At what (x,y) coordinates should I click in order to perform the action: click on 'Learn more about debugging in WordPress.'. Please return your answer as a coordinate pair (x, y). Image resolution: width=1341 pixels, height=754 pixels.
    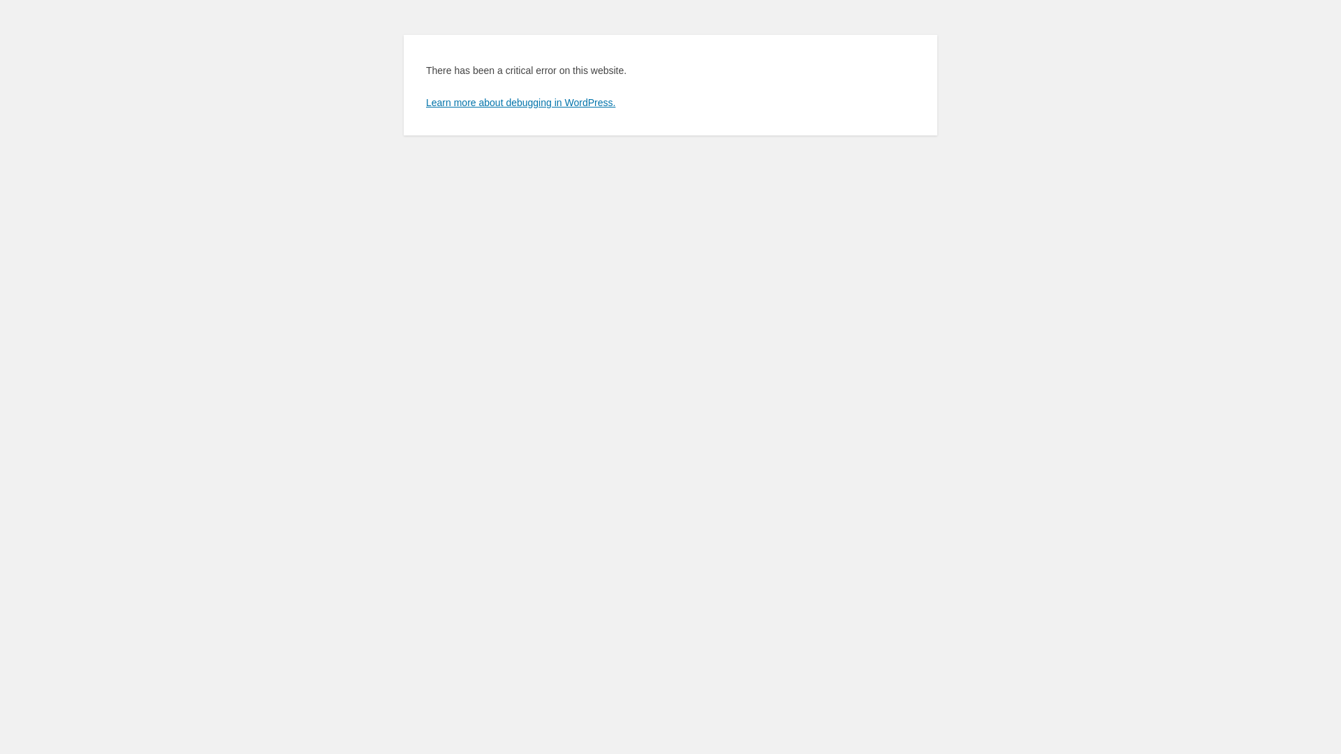
    Looking at the image, I should click on (520, 101).